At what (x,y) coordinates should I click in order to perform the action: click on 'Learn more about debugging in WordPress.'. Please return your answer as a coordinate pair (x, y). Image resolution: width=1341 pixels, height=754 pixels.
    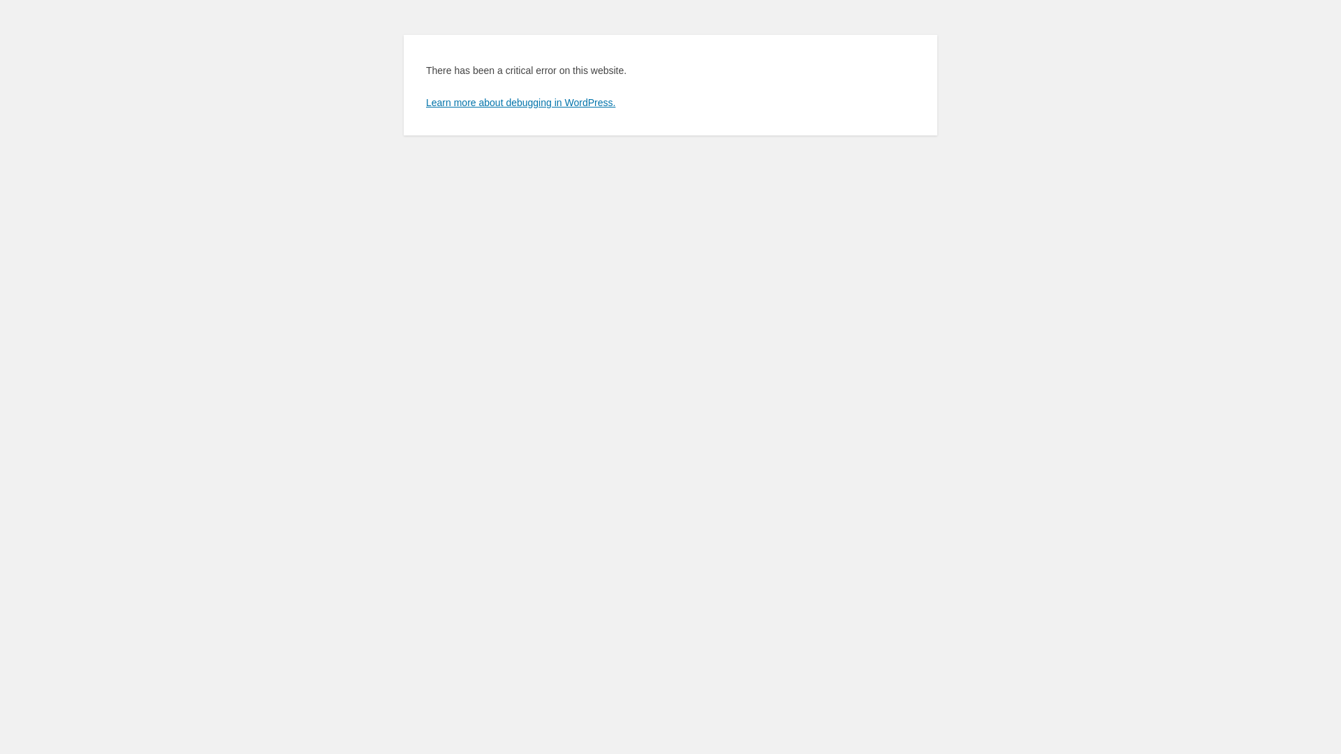
    Looking at the image, I should click on (520, 101).